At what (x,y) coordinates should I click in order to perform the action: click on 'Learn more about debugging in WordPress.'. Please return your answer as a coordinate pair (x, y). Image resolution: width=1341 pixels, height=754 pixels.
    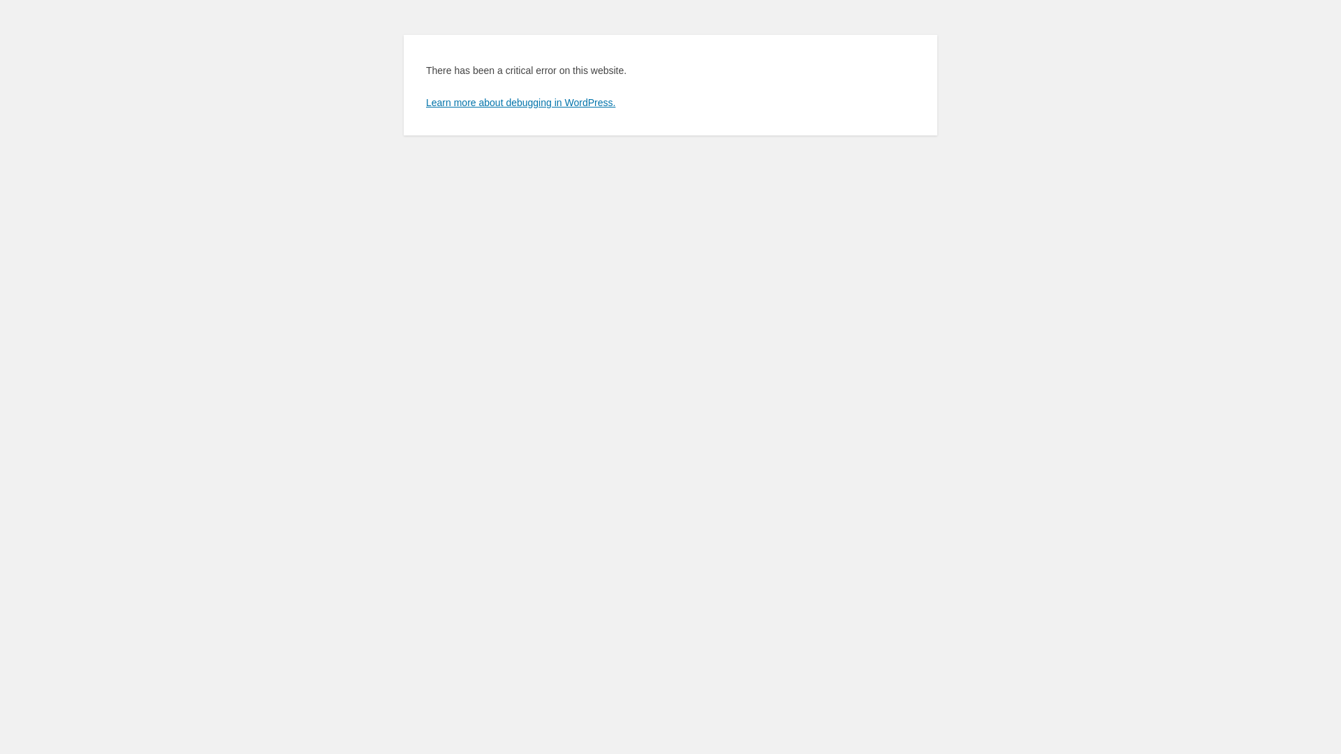
    Looking at the image, I should click on (520, 101).